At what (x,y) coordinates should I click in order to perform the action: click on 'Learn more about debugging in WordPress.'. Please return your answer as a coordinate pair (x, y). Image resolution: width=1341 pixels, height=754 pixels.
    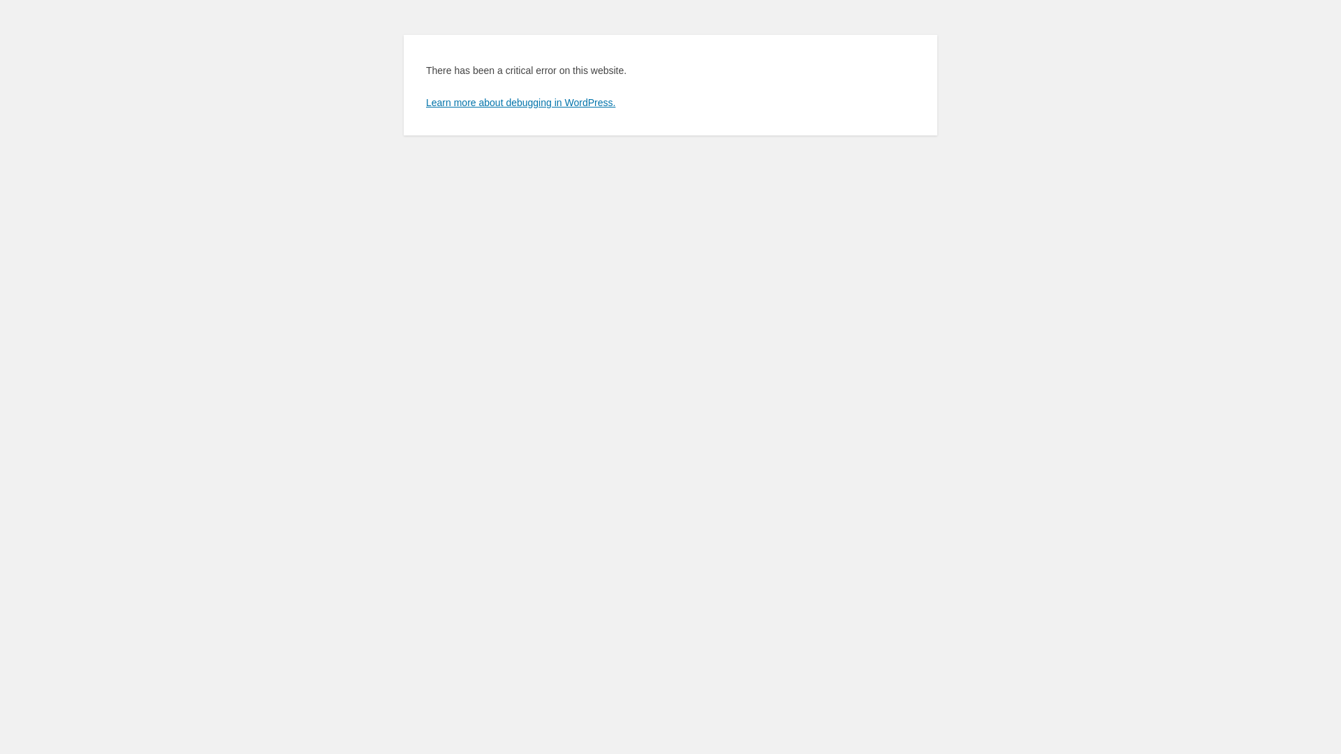
    Looking at the image, I should click on (520, 101).